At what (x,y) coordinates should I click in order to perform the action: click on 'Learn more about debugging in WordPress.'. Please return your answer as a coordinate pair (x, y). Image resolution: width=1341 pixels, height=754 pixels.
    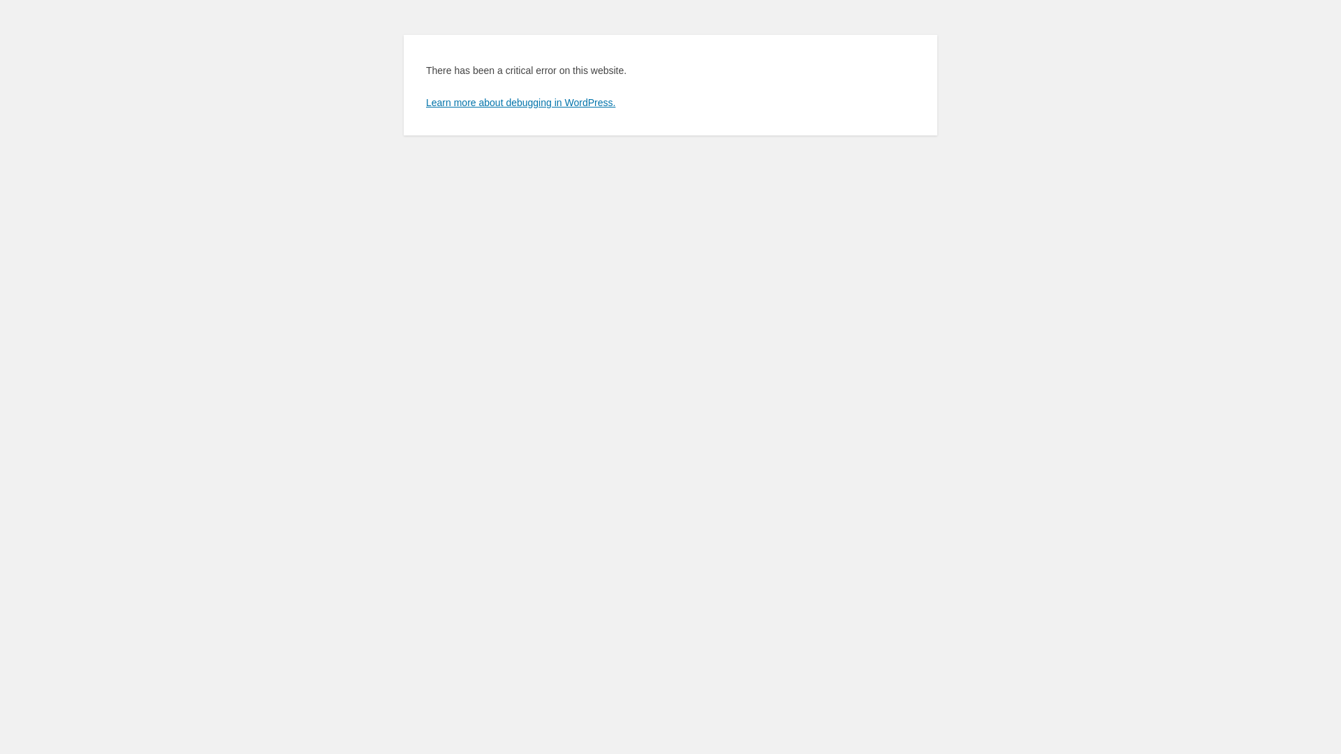
    Looking at the image, I should click on (520, 101).